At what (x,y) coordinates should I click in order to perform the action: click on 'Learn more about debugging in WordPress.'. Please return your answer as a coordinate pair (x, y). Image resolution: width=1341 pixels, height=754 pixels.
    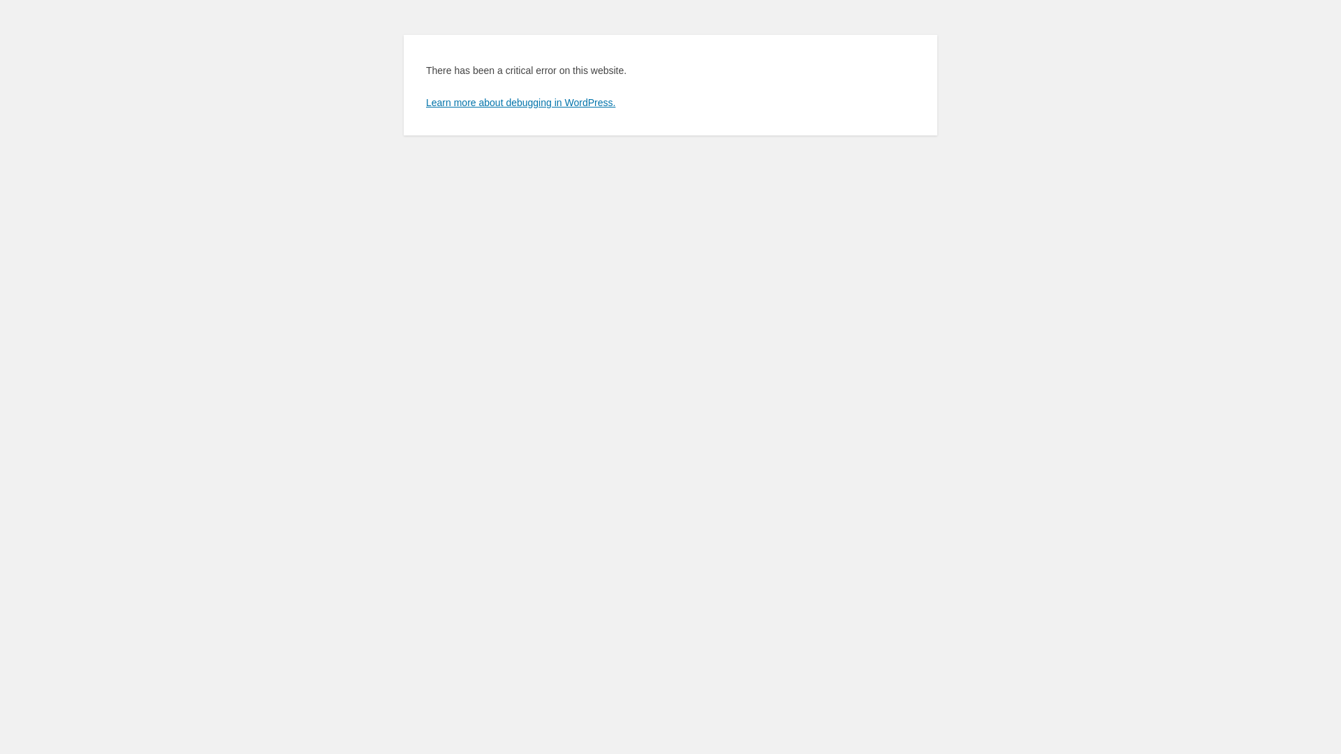
    Looking at the image, I should click on (520, 101).